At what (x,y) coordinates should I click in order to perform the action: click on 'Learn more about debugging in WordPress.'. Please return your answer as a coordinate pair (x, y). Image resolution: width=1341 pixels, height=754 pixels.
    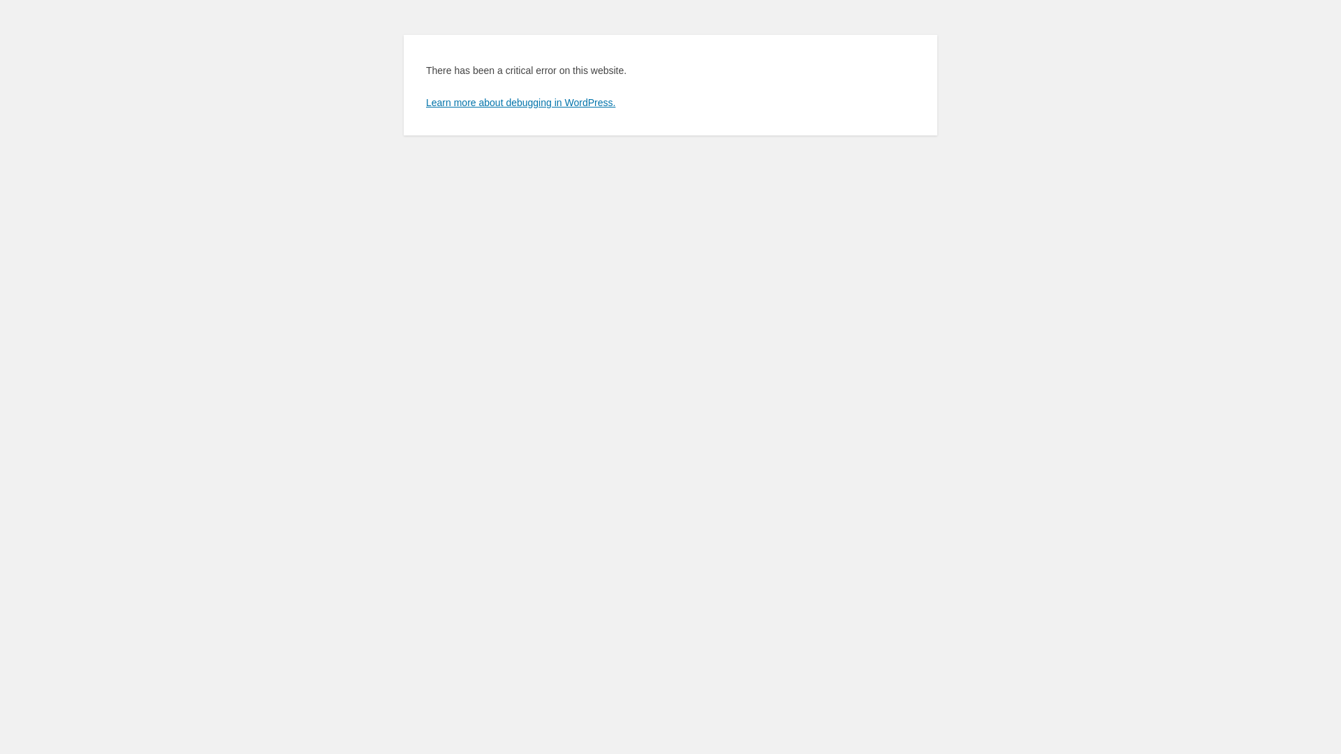
    Looking at the image, I should click on (520, 101).